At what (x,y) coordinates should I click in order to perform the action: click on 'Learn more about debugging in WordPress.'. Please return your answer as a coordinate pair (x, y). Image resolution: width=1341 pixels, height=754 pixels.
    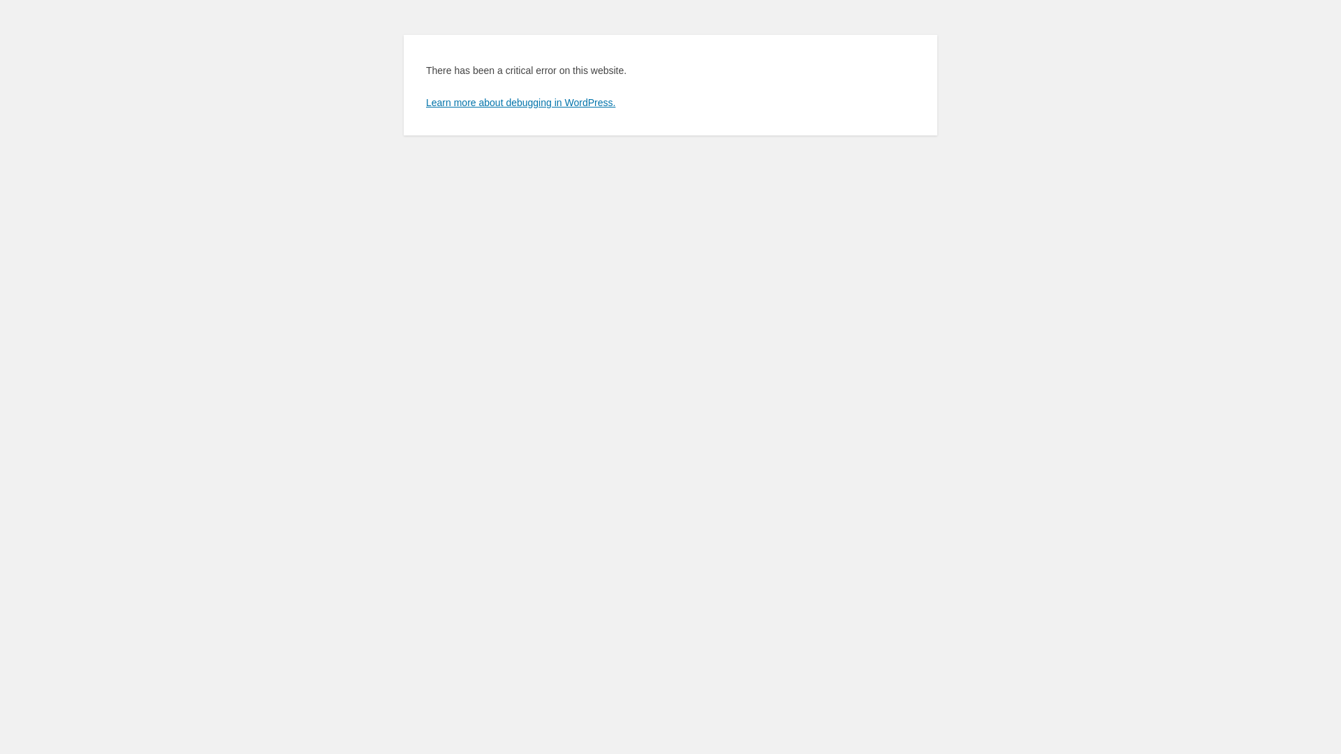
    Looking at the image, I should click on (520, 101).